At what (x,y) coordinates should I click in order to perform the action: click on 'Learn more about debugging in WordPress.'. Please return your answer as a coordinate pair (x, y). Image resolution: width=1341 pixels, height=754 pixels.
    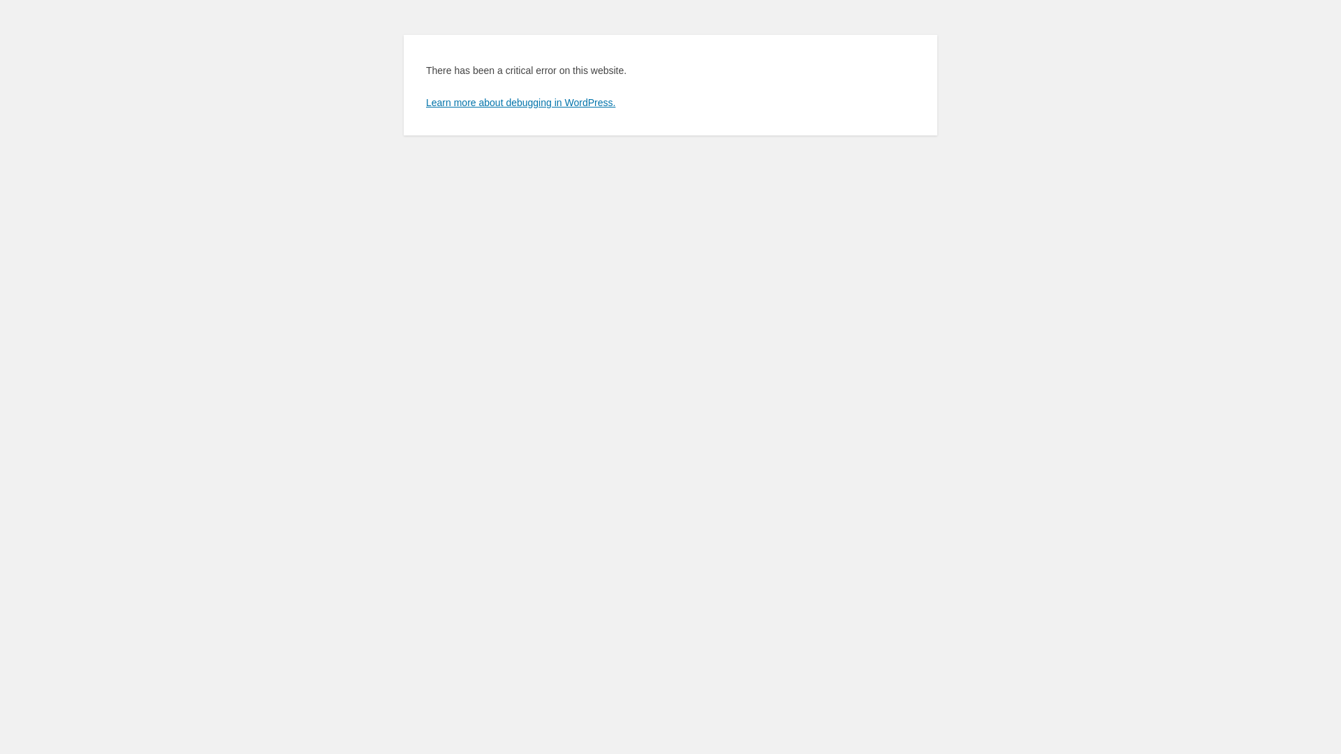
    Looking at the image, I should click on (520, 101).